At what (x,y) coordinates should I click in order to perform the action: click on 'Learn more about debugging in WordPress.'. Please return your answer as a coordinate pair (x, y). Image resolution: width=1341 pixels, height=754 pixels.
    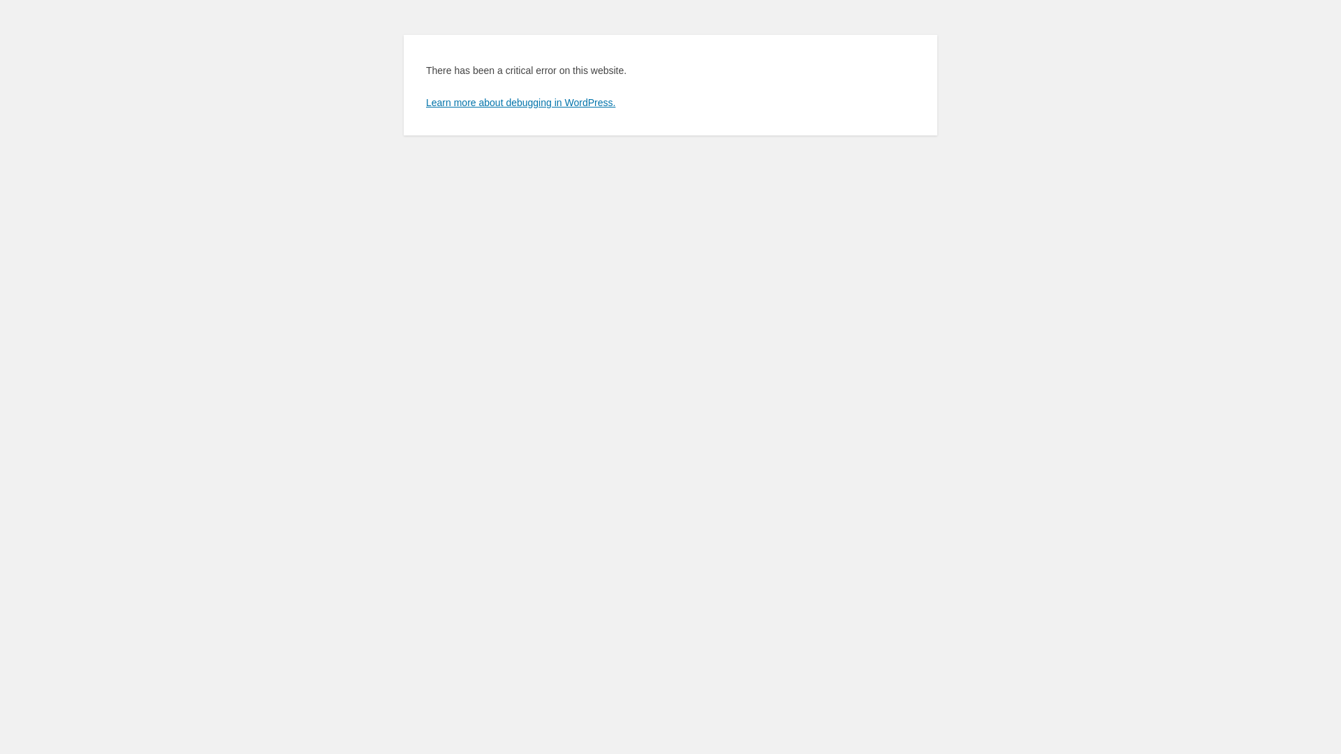
    Looking at the image, I should click on (520, 101).